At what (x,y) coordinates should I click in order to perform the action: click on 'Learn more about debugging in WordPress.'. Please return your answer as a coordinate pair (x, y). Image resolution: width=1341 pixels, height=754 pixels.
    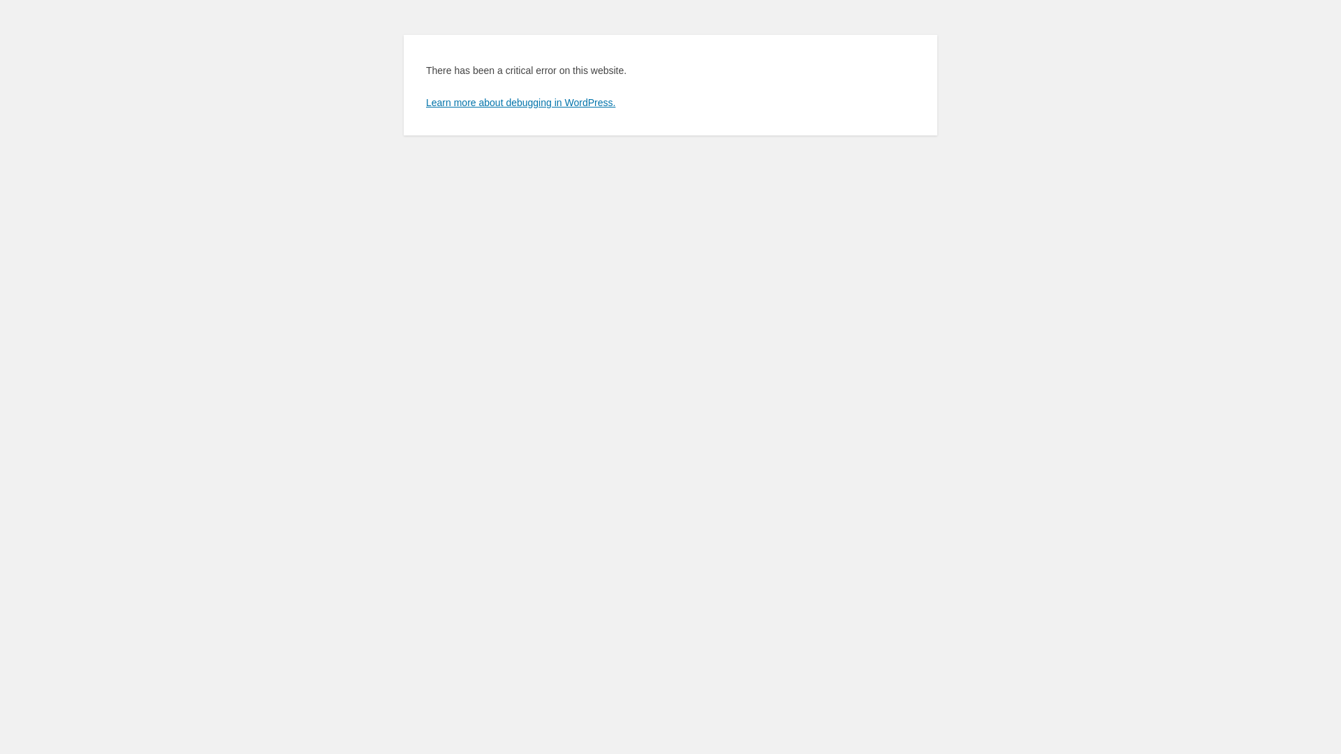
    Looking at the image, I should click on (520, 101).